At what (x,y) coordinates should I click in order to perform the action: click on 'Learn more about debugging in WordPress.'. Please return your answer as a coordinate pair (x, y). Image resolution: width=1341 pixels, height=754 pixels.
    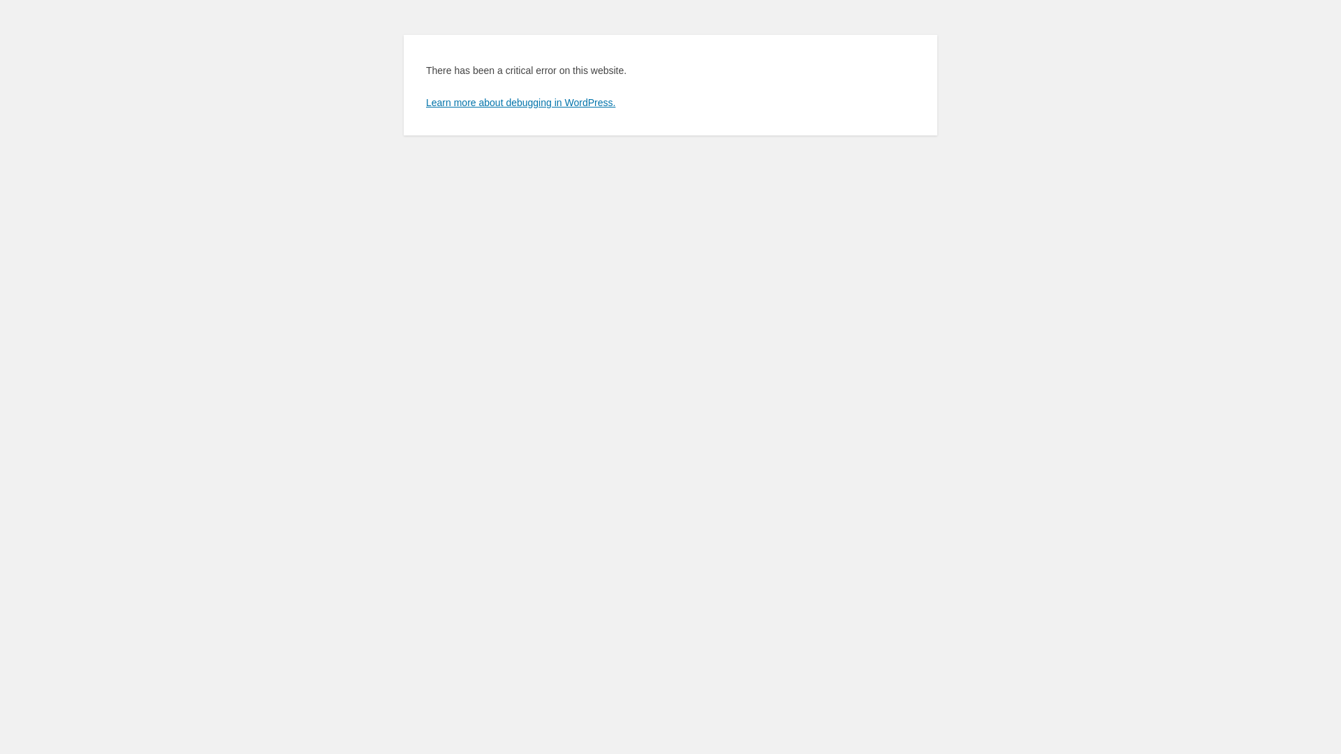
    Looking at the image, I should click on (520, 101).